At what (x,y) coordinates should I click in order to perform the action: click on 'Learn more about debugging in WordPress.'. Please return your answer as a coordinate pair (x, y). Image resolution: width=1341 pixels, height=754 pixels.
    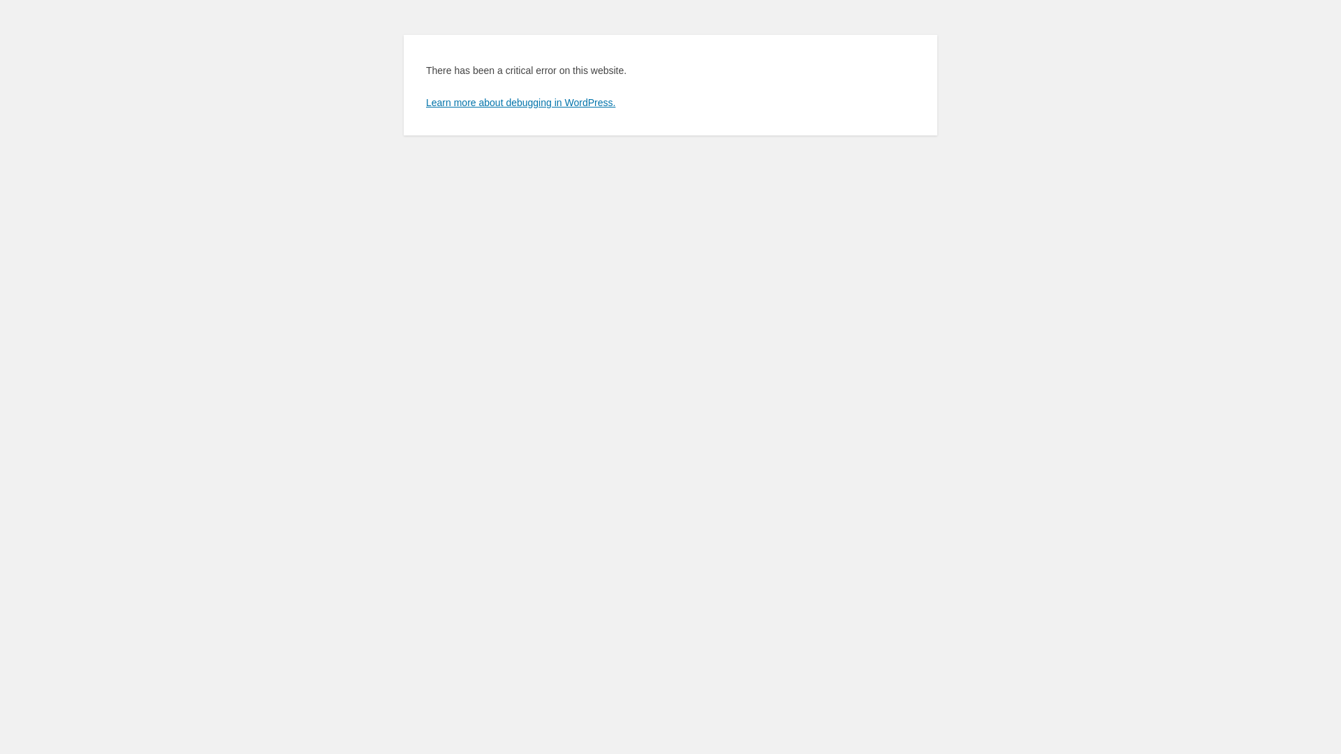
    Looking at the image, I should click on (520, 101).